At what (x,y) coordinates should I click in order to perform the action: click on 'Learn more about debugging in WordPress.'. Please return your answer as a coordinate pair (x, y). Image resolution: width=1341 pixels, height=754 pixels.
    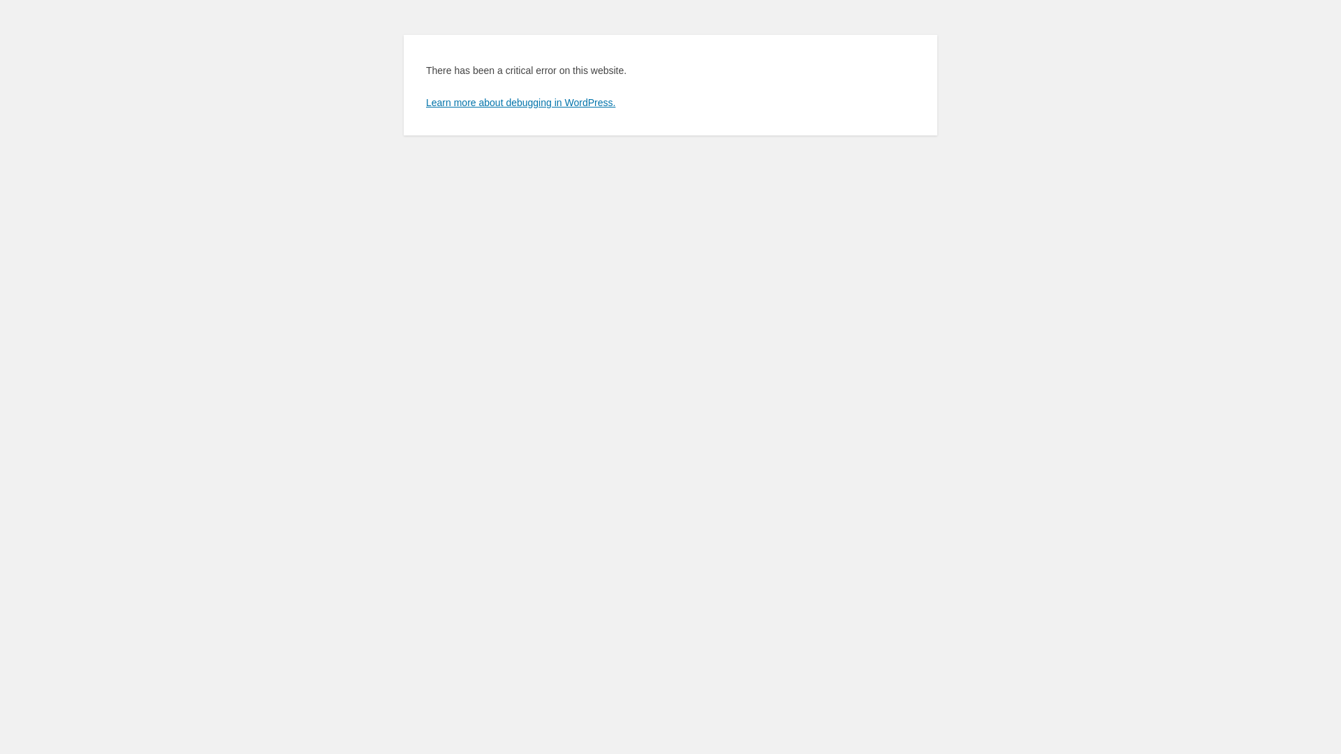
    Looking at the image, I should click on (520, 101).